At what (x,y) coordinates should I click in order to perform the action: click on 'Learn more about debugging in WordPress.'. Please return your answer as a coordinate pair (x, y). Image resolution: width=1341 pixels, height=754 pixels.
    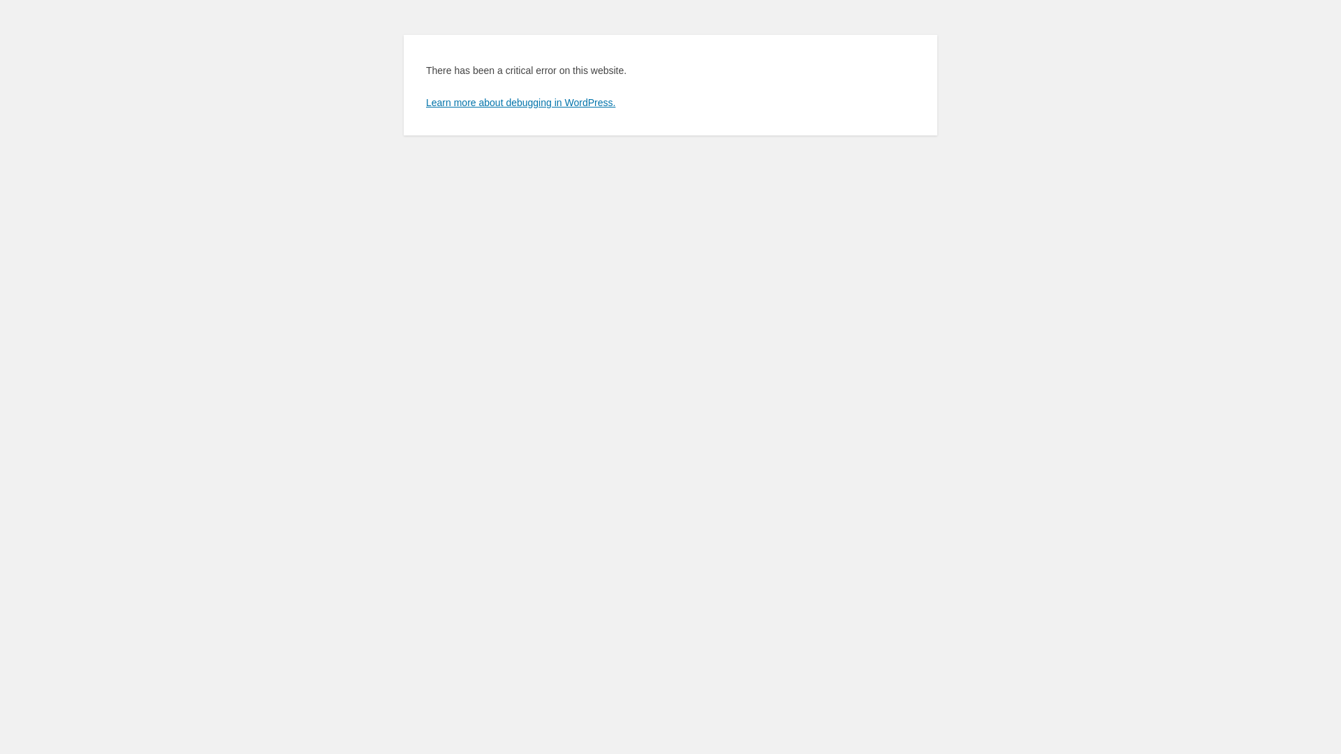
    Looking at the image, I should click on (520, 101).